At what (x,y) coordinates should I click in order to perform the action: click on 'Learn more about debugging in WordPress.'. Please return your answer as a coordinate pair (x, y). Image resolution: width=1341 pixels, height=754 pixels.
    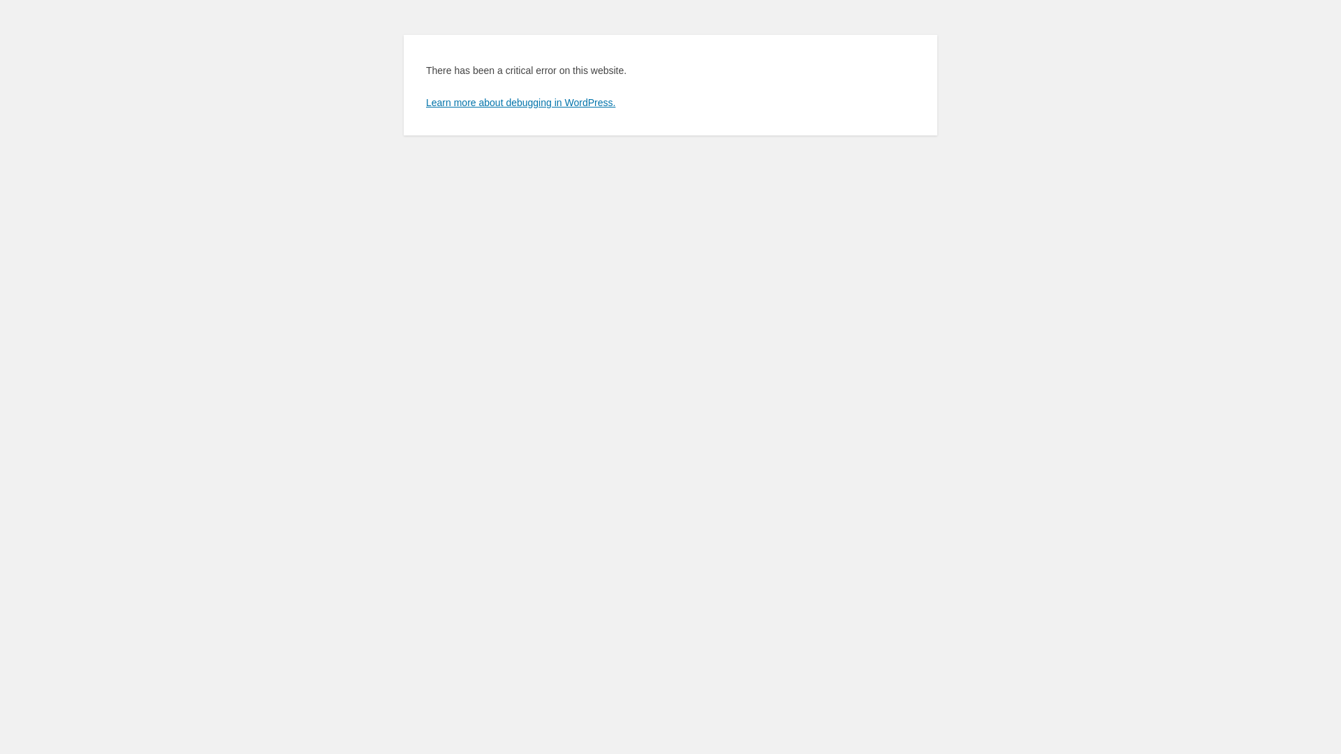
    Looking at the image, I should click on (520, 101).